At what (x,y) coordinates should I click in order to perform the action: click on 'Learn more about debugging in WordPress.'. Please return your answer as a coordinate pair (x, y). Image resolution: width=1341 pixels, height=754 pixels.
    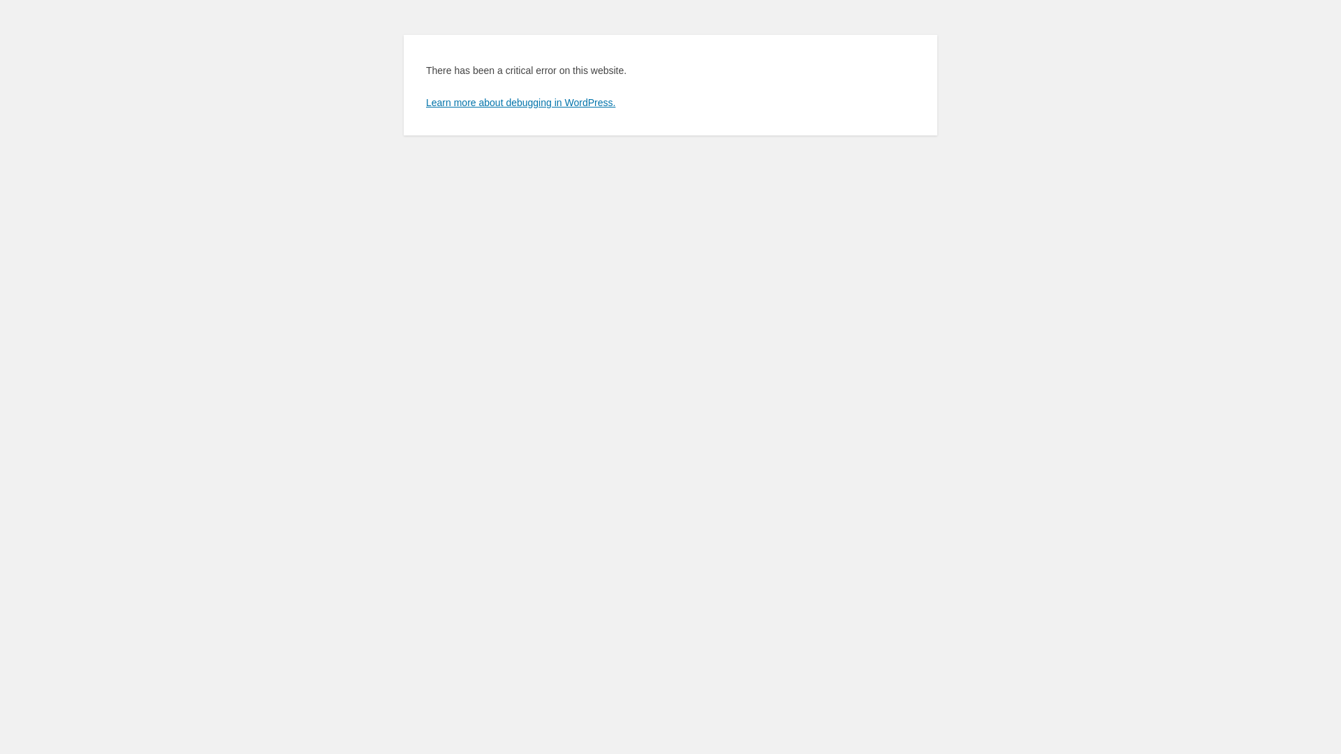
    Looking at the image, I should click on (520, 101).